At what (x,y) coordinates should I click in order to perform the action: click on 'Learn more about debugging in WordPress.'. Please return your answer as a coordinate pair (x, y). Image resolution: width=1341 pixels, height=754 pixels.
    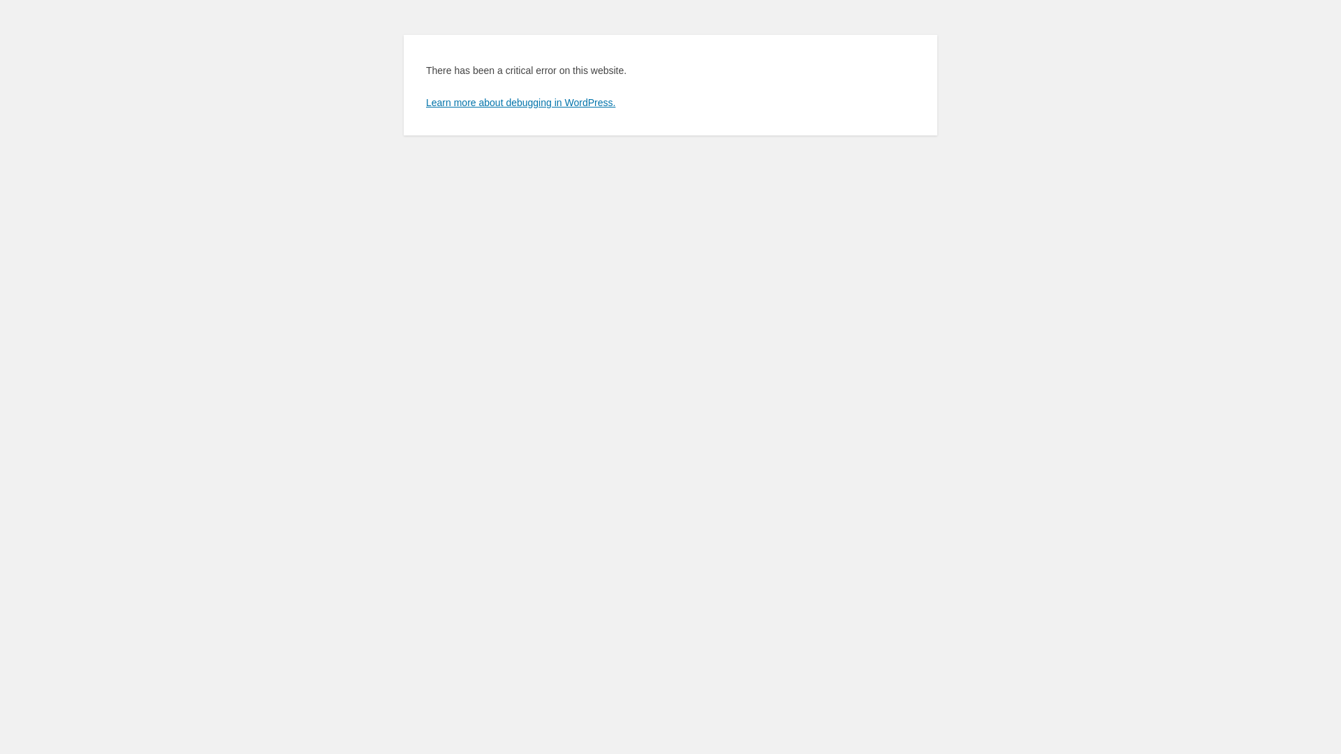
    Looking at the image, I should click on (520, 101).